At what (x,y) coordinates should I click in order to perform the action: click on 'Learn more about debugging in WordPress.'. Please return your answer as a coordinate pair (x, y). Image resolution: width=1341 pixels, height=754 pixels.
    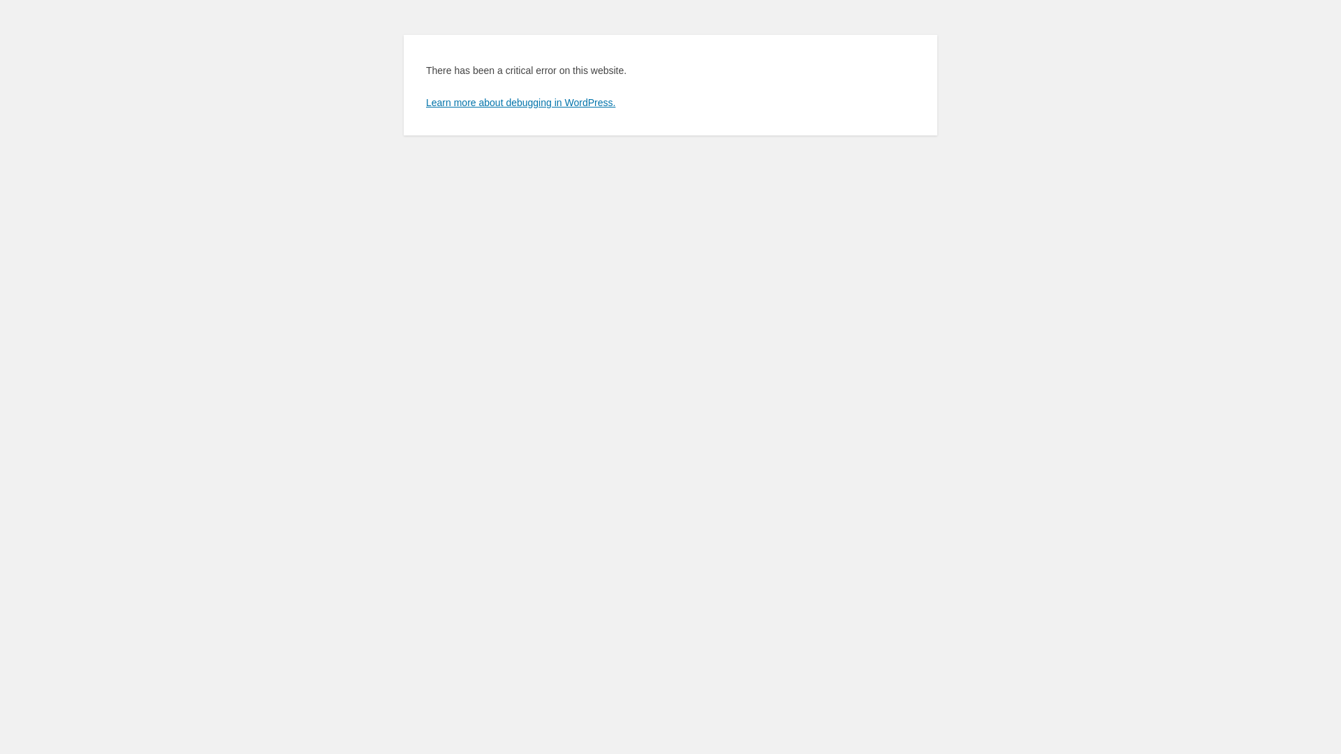
    Looking at the image, I should click on (520, 101).